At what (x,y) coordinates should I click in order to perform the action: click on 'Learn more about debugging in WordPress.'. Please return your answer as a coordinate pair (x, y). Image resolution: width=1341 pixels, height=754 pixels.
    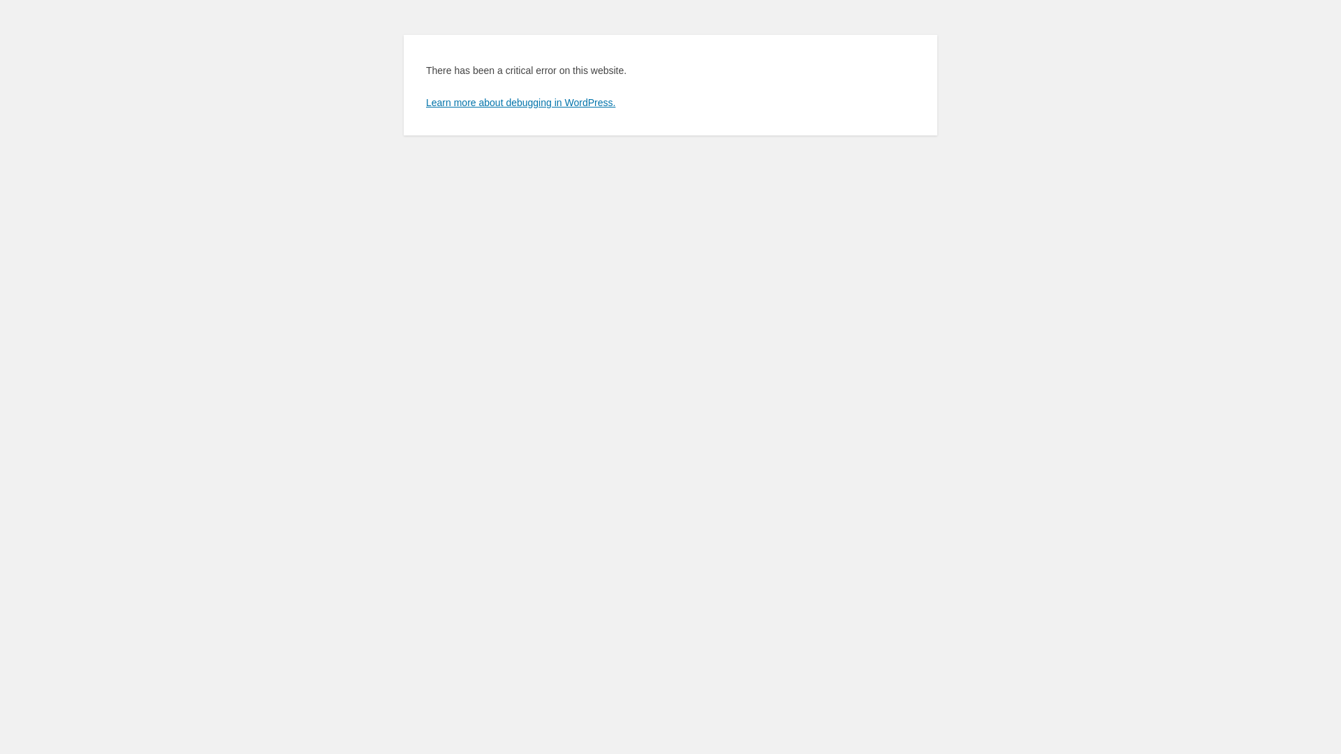
    Looking at the image, I should click on (520, 101).